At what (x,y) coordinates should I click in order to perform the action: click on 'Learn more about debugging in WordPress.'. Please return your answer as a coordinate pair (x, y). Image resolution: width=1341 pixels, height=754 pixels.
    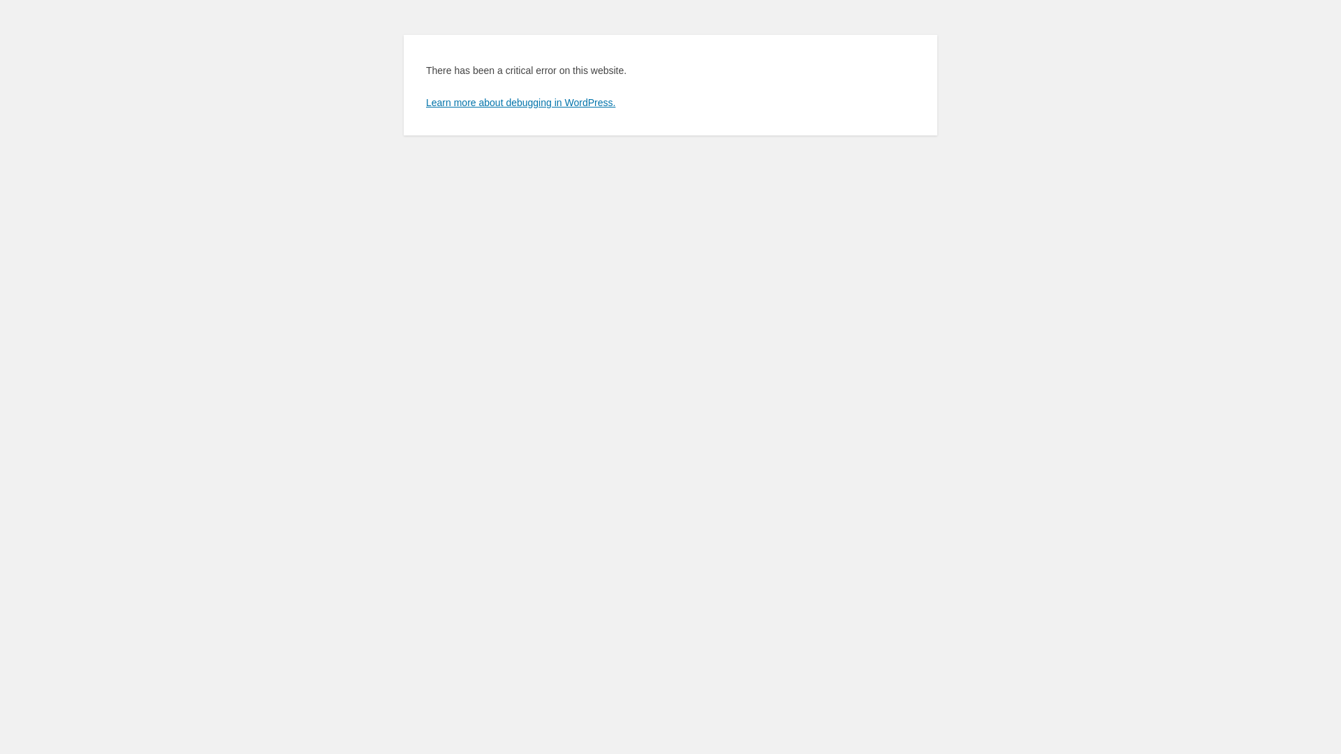
    Looking at the image, I should click on (520, 101).